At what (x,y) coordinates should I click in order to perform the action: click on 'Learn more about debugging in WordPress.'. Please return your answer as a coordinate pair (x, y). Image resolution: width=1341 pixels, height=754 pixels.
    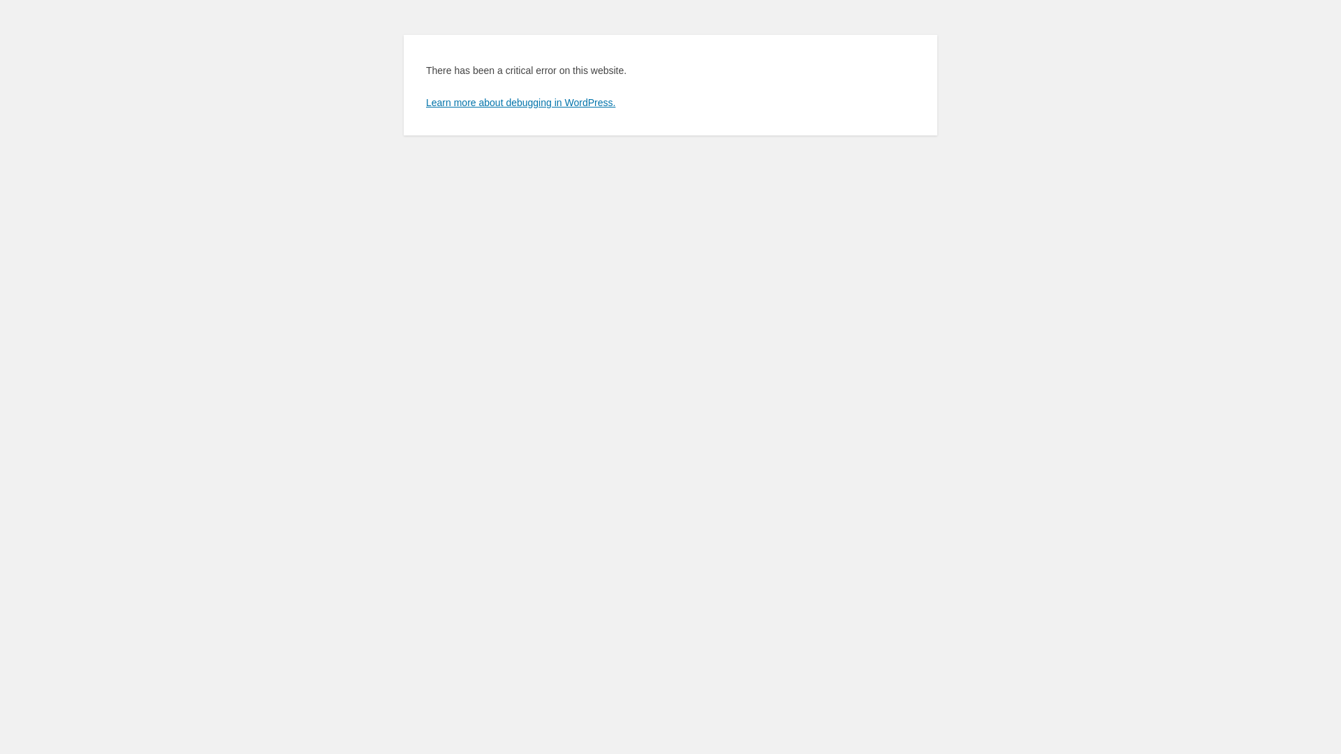
    Looking at the image, I should click on (520, 101).